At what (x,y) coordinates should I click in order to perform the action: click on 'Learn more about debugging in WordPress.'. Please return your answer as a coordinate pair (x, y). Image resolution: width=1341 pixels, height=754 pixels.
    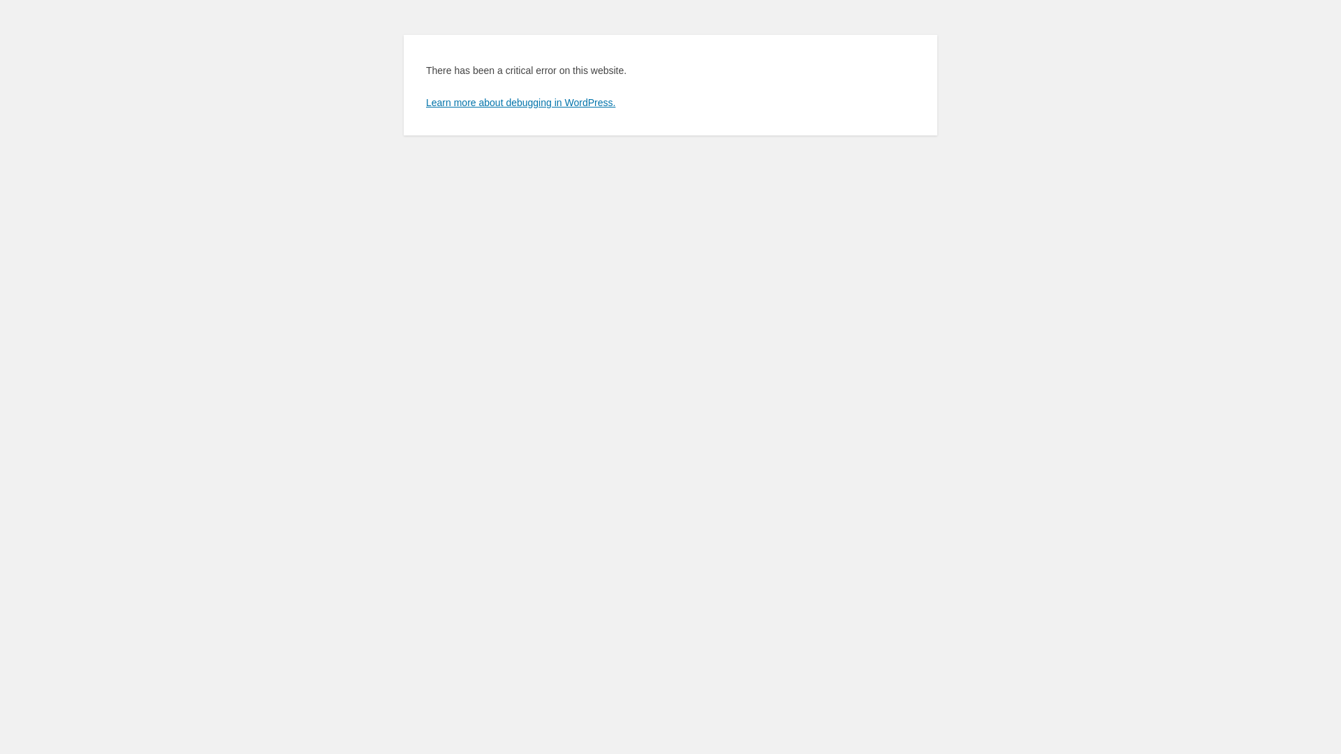
    Looking at the image, I should click on (520, 101).